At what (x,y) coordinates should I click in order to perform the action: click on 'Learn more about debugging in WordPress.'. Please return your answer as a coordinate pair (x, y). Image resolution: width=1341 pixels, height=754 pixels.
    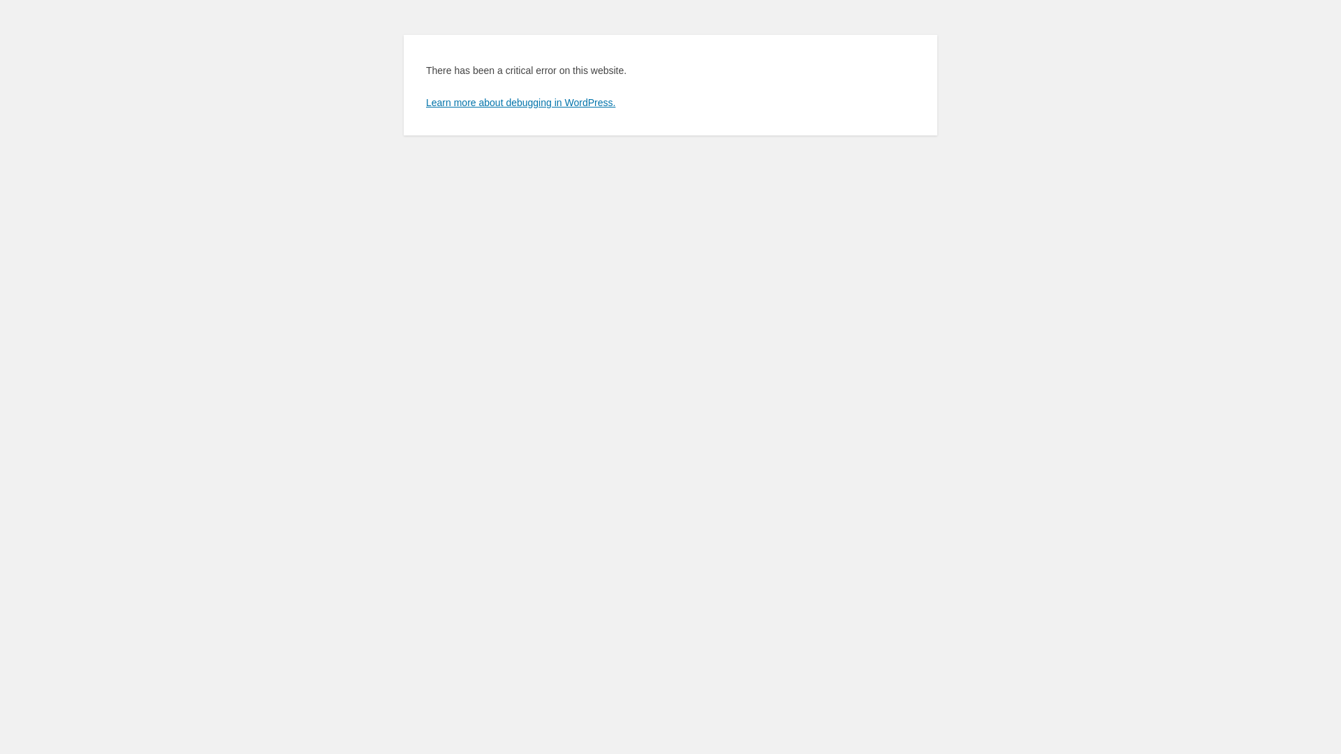
    Looking at the image, I should click on (520, 101).